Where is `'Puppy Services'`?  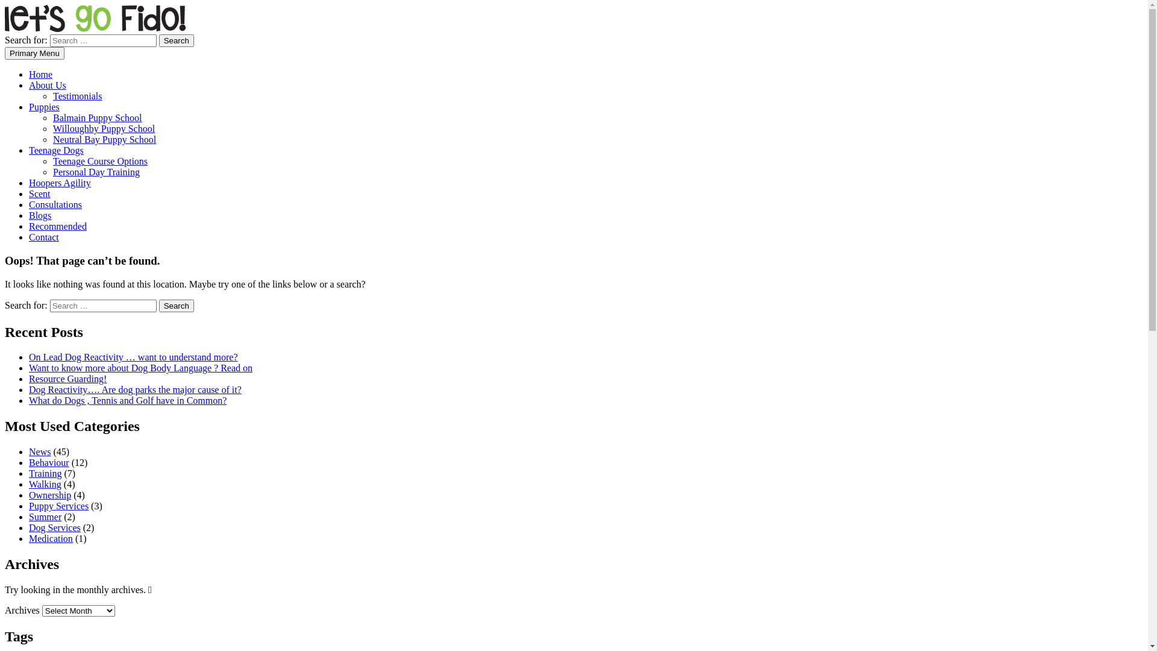 'Puppy Services' is located at coordinates (58, 506).